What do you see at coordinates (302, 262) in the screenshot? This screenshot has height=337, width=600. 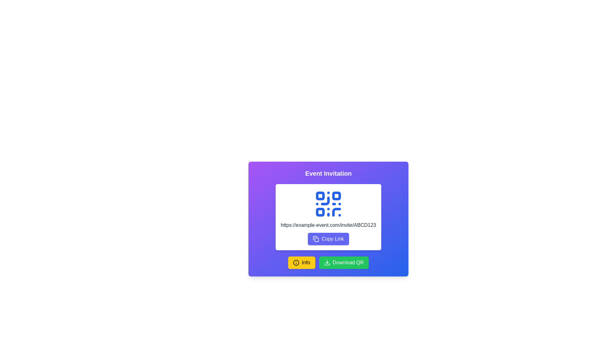 I see `the 'Info' button, which is a rectangular button with a yellow background and black text, located at the bottom of a modal to the left of the 'Download QR' button` at bounding box center [302, 262].